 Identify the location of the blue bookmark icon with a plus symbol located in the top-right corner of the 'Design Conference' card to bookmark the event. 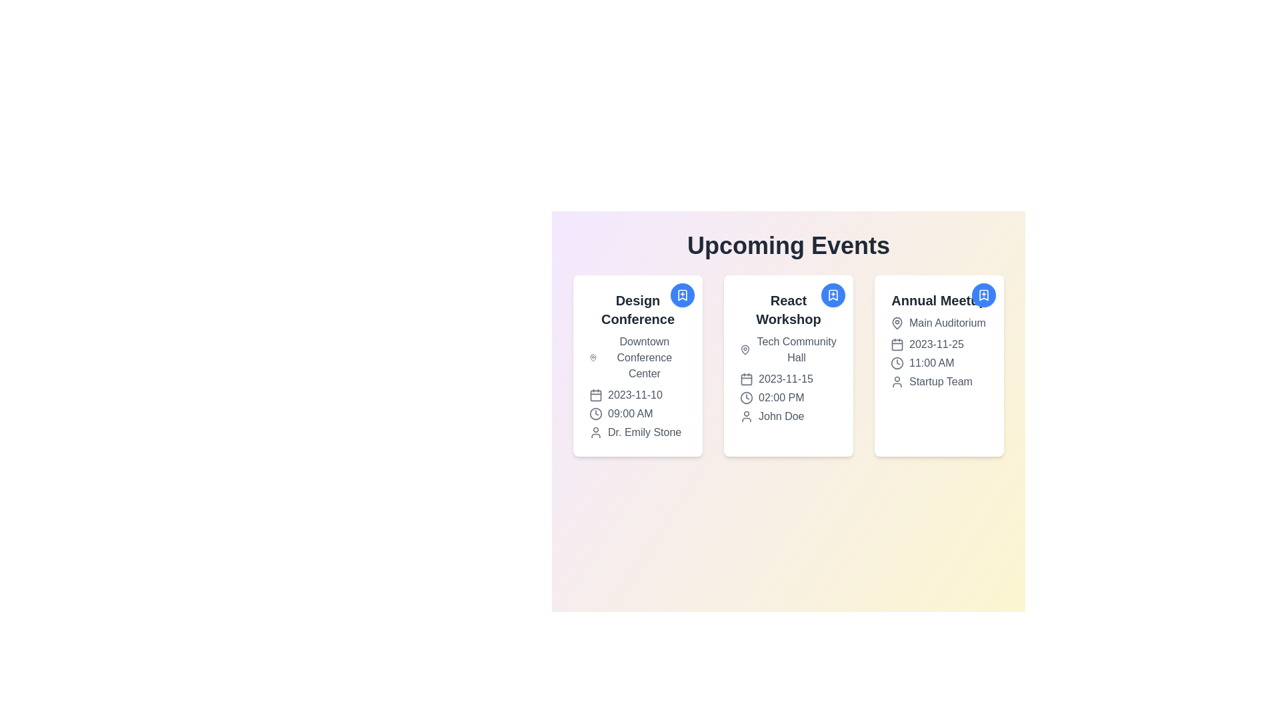
(682, 295).